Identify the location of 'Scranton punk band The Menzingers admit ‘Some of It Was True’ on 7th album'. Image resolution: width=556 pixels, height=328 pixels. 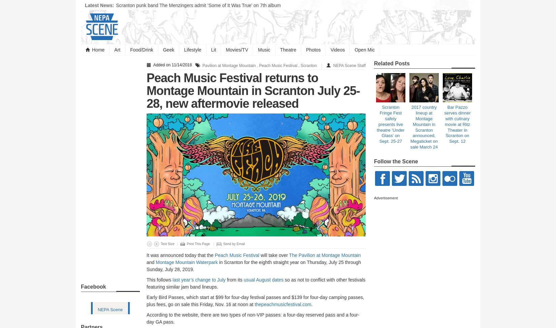
(198, 5).